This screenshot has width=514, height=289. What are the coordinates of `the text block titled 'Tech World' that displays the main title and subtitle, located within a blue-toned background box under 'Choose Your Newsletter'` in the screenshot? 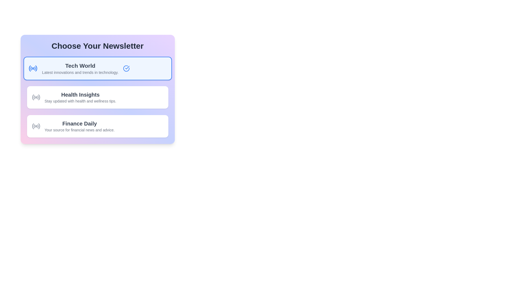 It's located at (80, 68).